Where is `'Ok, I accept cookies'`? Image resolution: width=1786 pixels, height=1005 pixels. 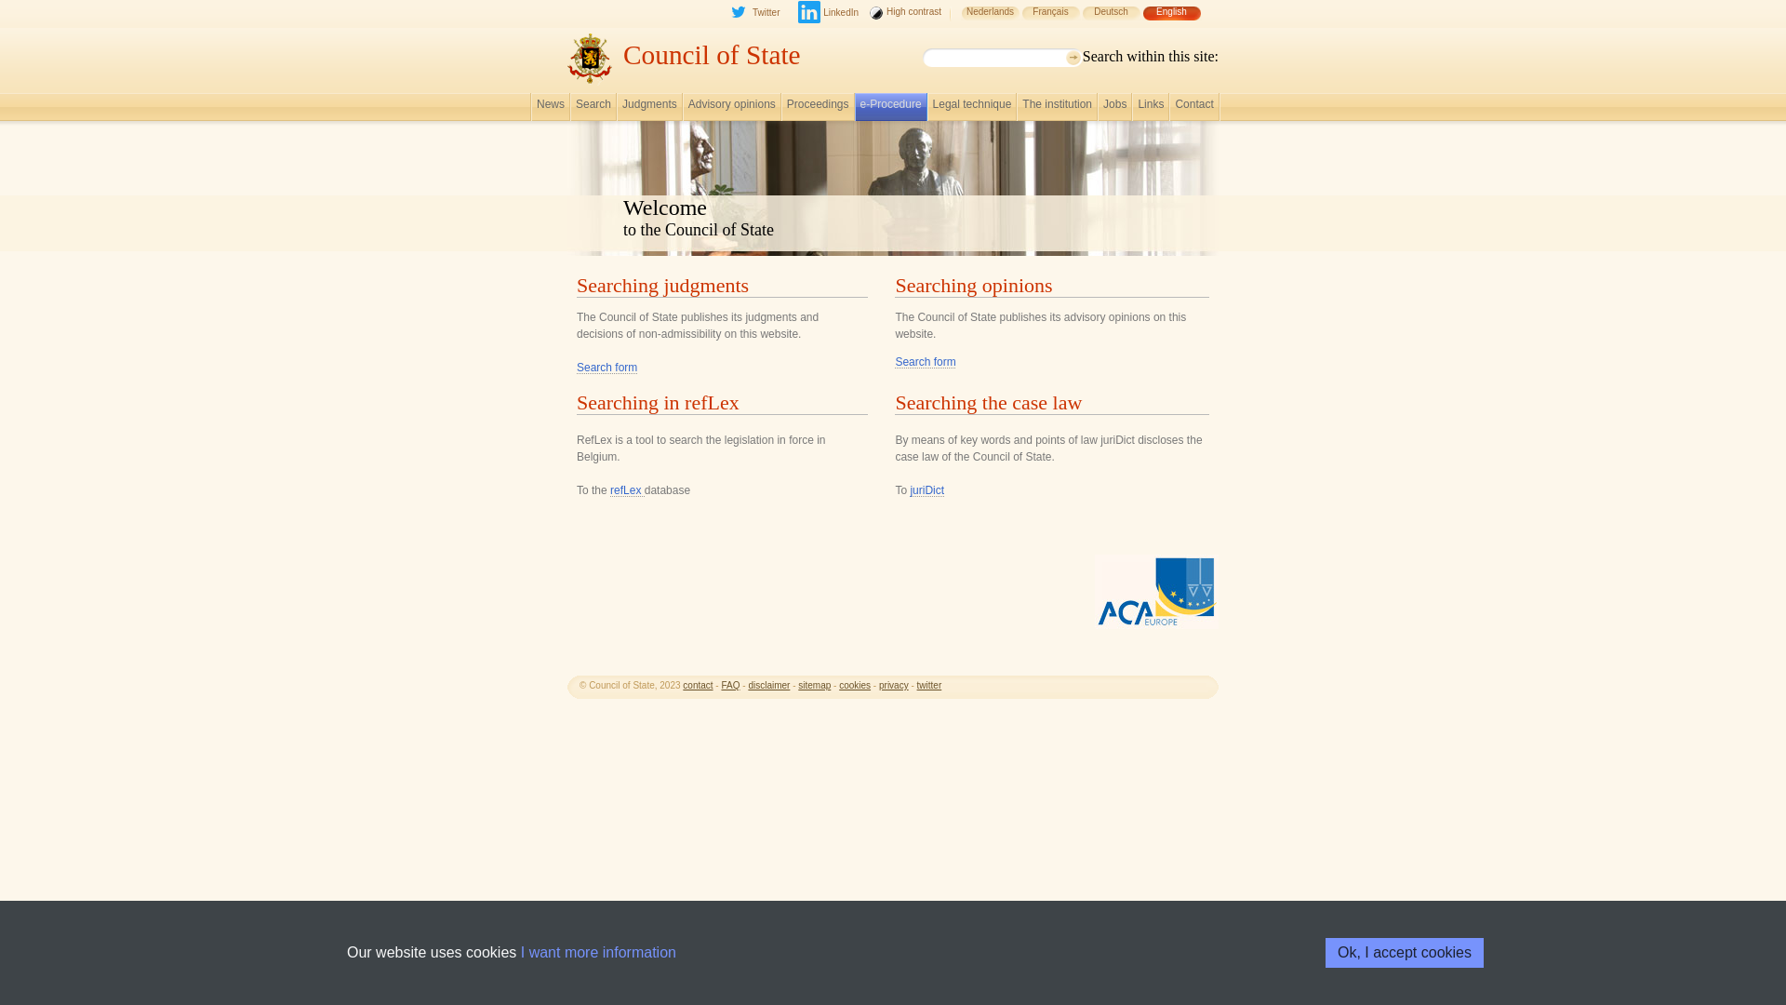 'Ok, I accept cookies' is located at coordinates (1325, 952).